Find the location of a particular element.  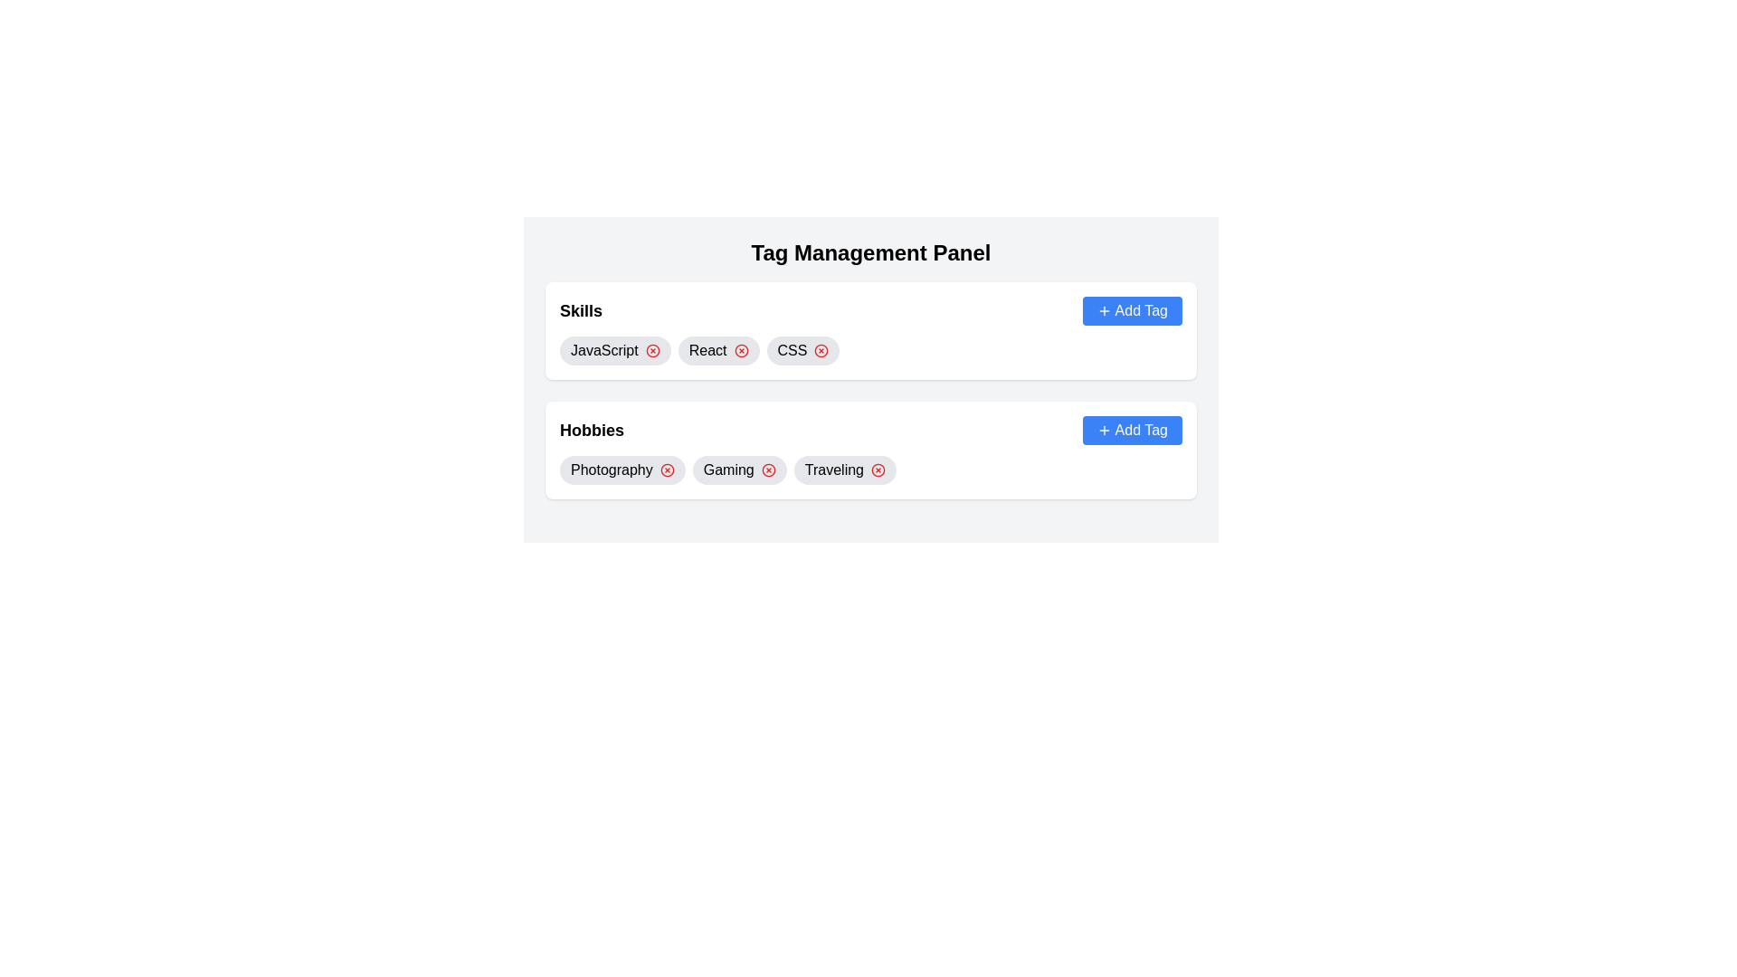

the 'Add Tag' button with a blue background and white text, located in the 'Hobbies' section, to trigger the hover effect is located at coordinates (1131, 430).